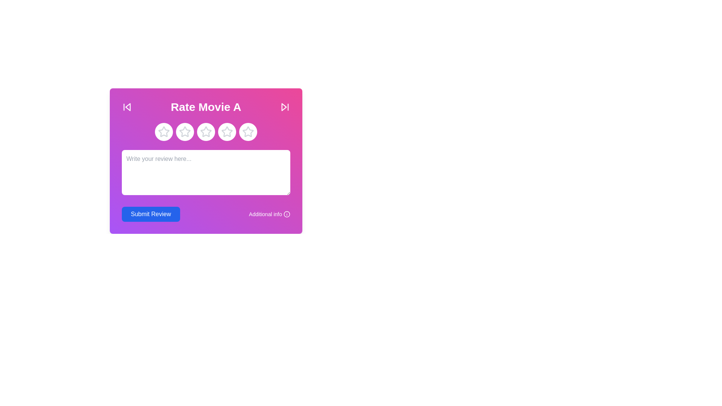 This screenshot has width=722, height=406. Describe the element at coordinates (150, 214) in the screenshot. I see `the 'Submit Review' button, which is a rectangular button with a blue background and white text, located in the bottom-left corner of the modal` at that location.